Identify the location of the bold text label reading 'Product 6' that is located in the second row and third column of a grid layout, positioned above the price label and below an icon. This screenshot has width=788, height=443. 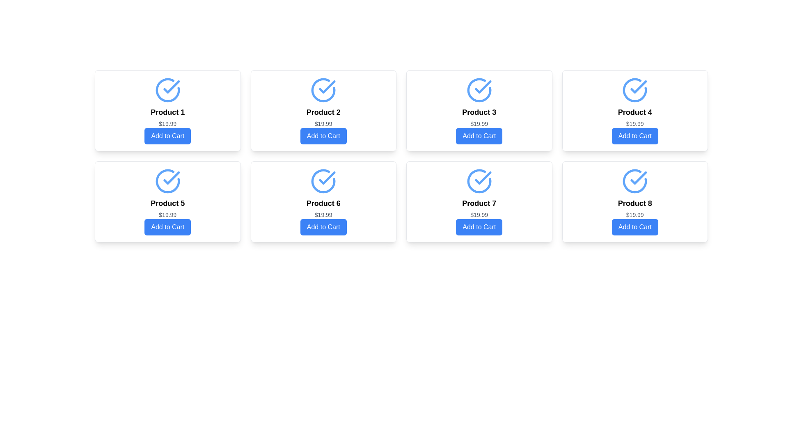
(323, 203).